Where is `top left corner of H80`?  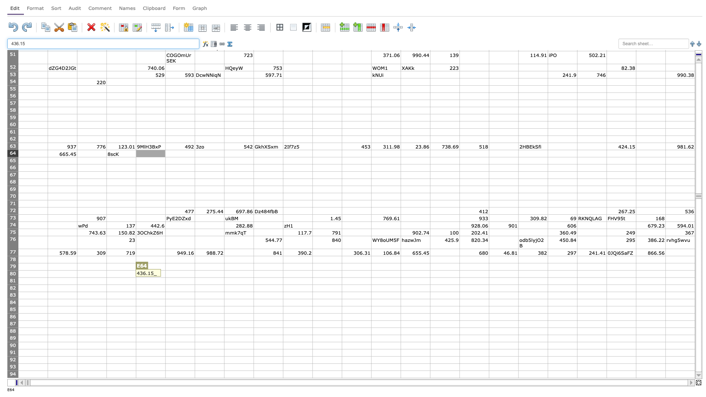
top left corner of H80 is located at coordinates (224, 270).